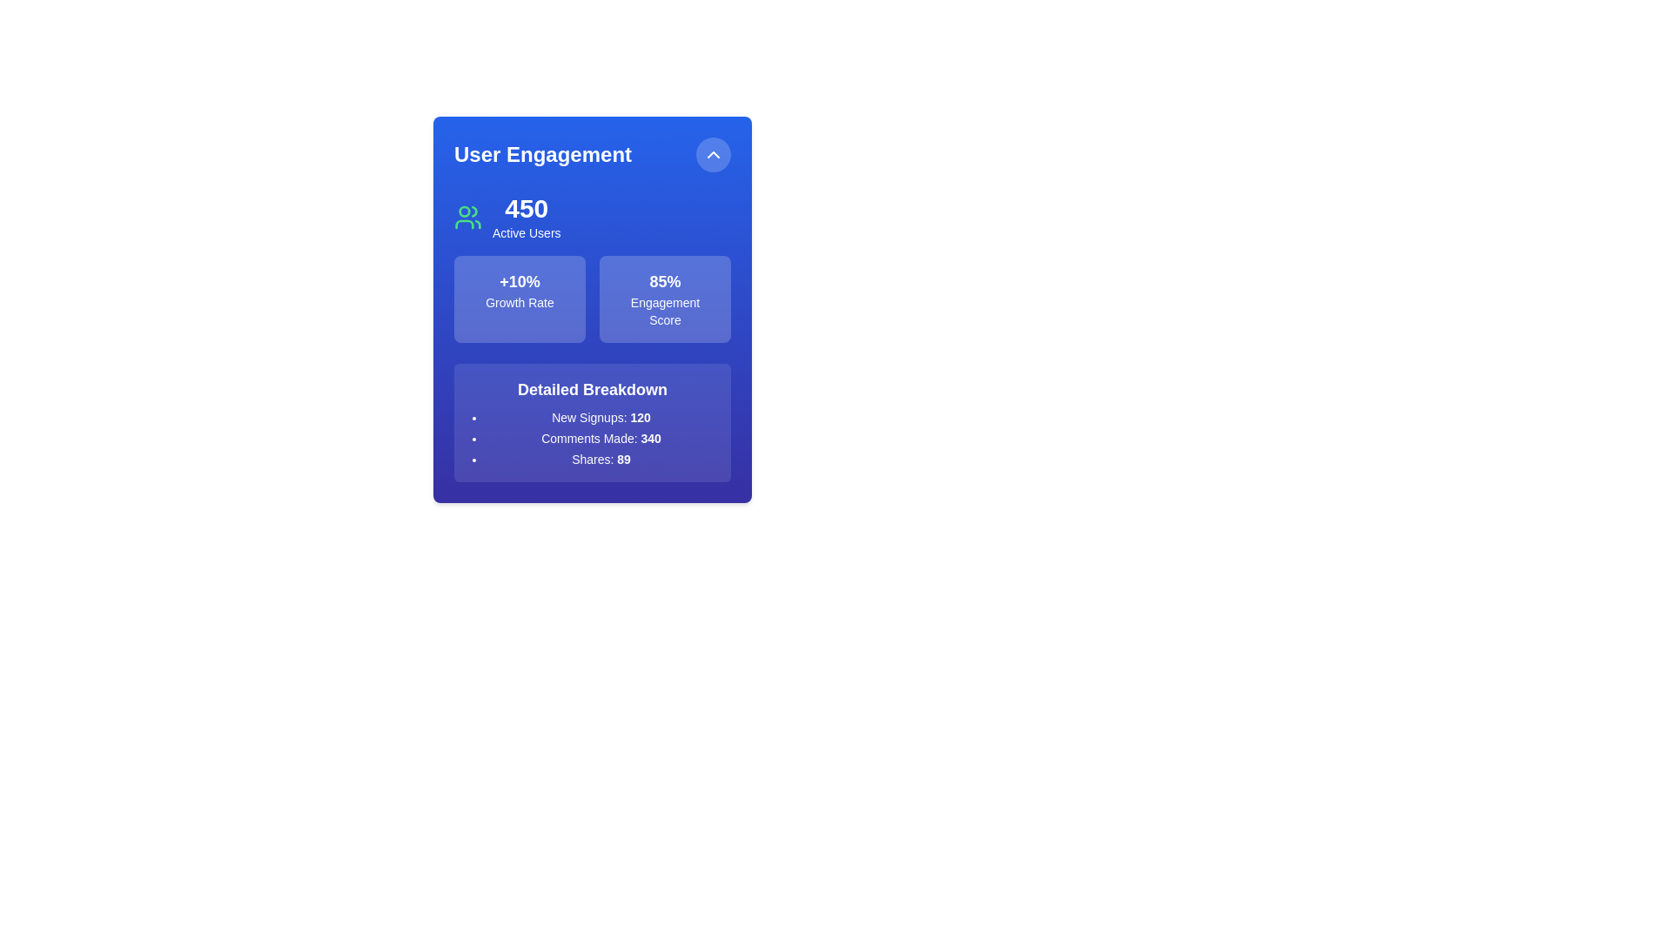 The height and width of the screenshot is (940, 1671). Describe the element at coordinates (601, 459) in the screenshot. I see `displayed information from the Static text label showing 'Shares: 89', which is the third item in the bullet-point list under the 'Detailed Breakdown' section` at that location.